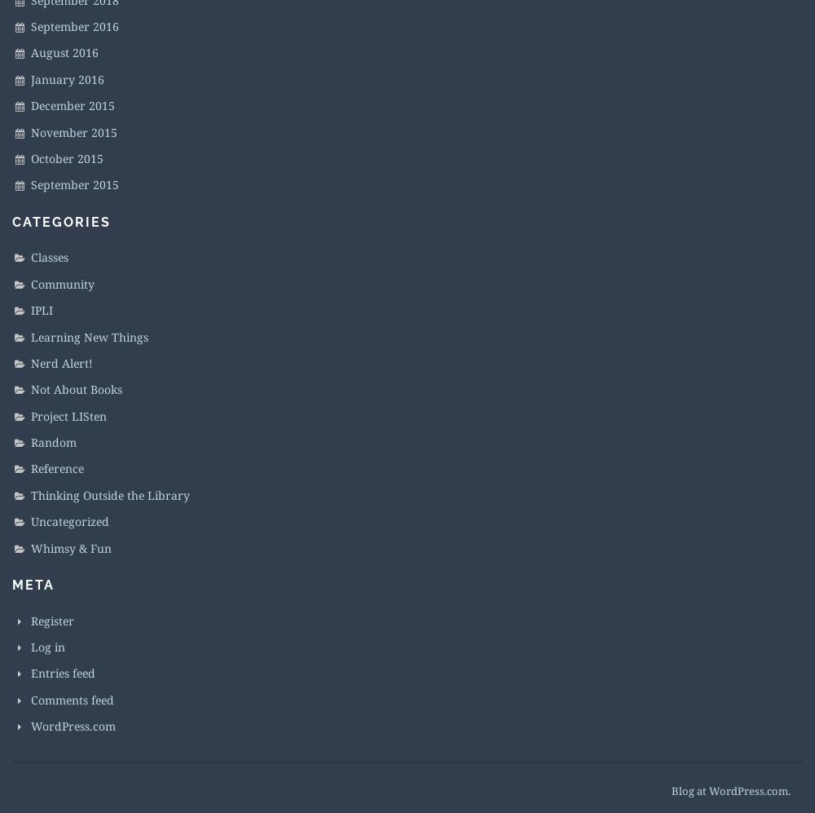 The height and width of the screenshot is (813, 815). I want to click on 'Register', so click(51, 620).